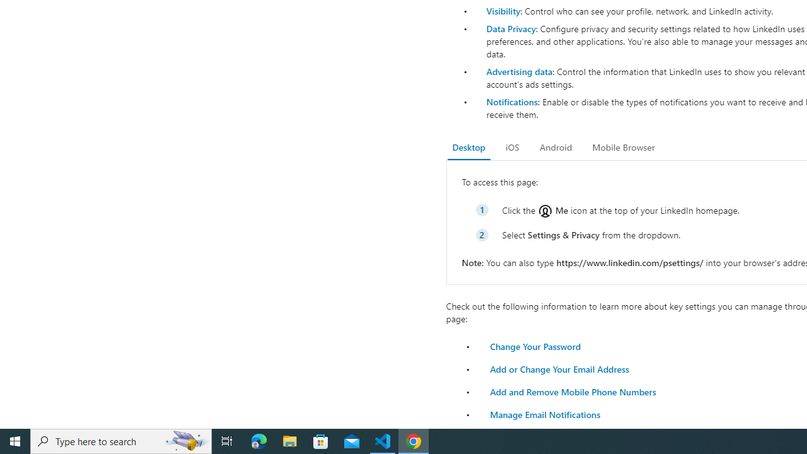 Image resolution: width=807 pixels, height=454 pixels. I want to click on 'Visibility', so click(502, 11).